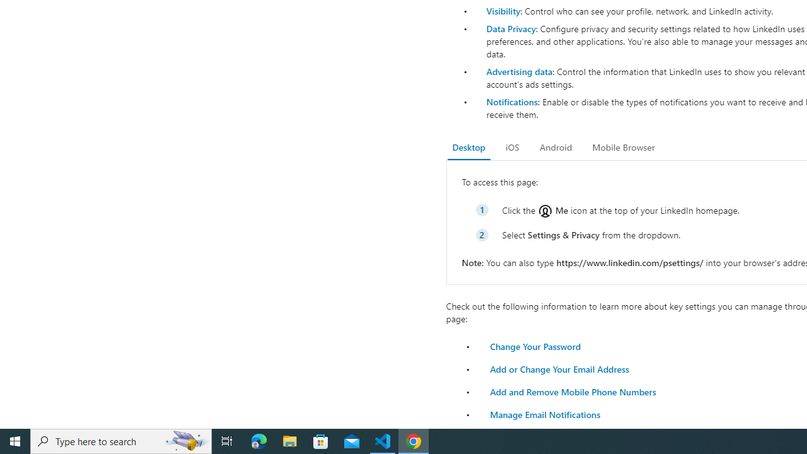 Image resolution: width=807 pixels, height=454 pixels. I want to click on 'Visibility', so click(502, 11).